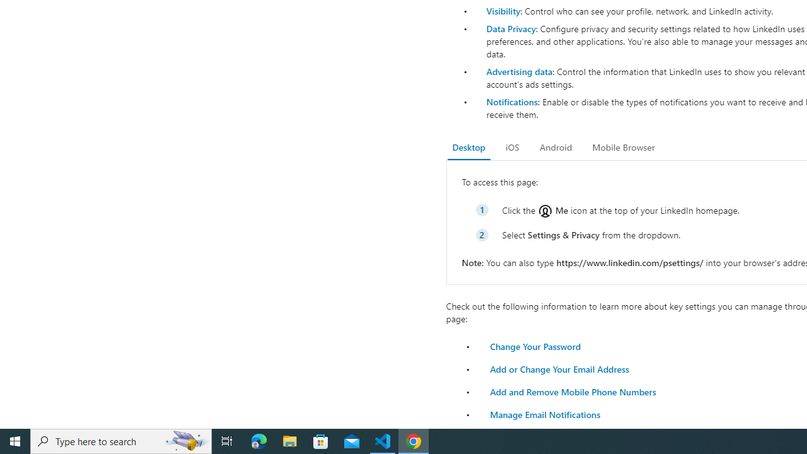 Image resolution: width=807 pixels, height=454 pixels. I want to click on 'Visibility', so click(502, 11).